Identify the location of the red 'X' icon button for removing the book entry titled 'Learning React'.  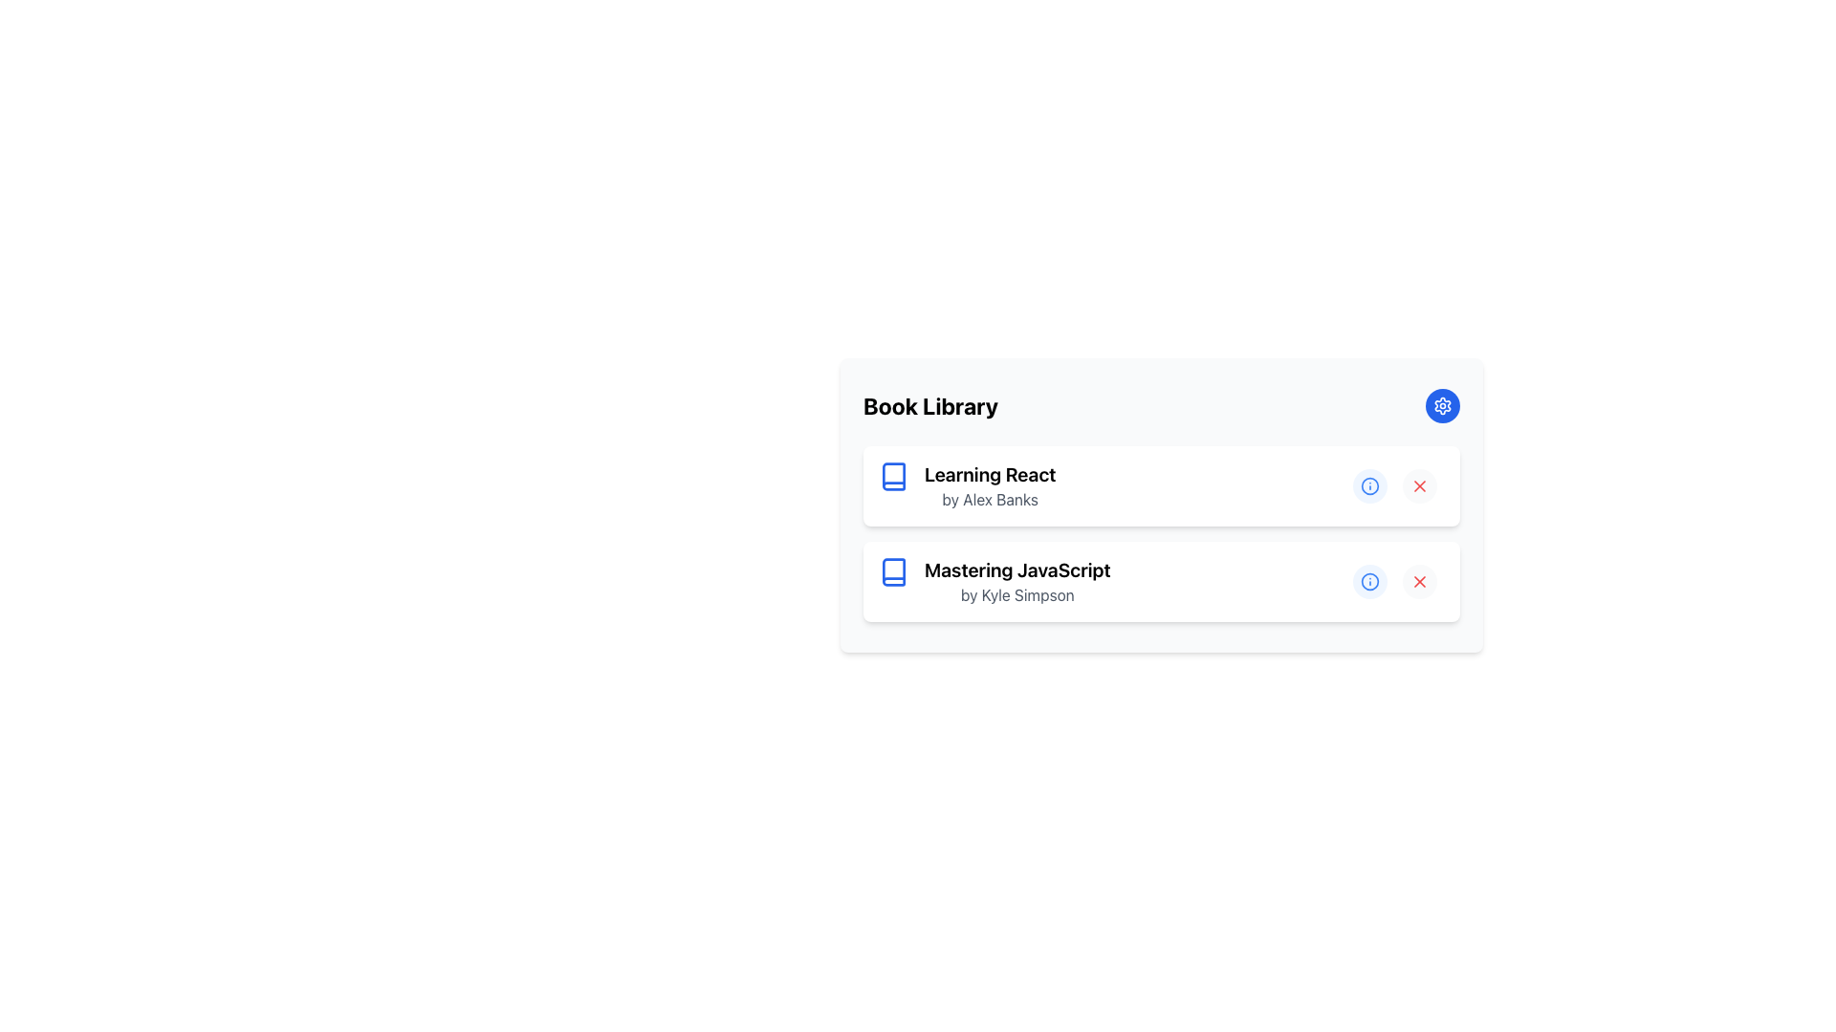
(1419, 485).